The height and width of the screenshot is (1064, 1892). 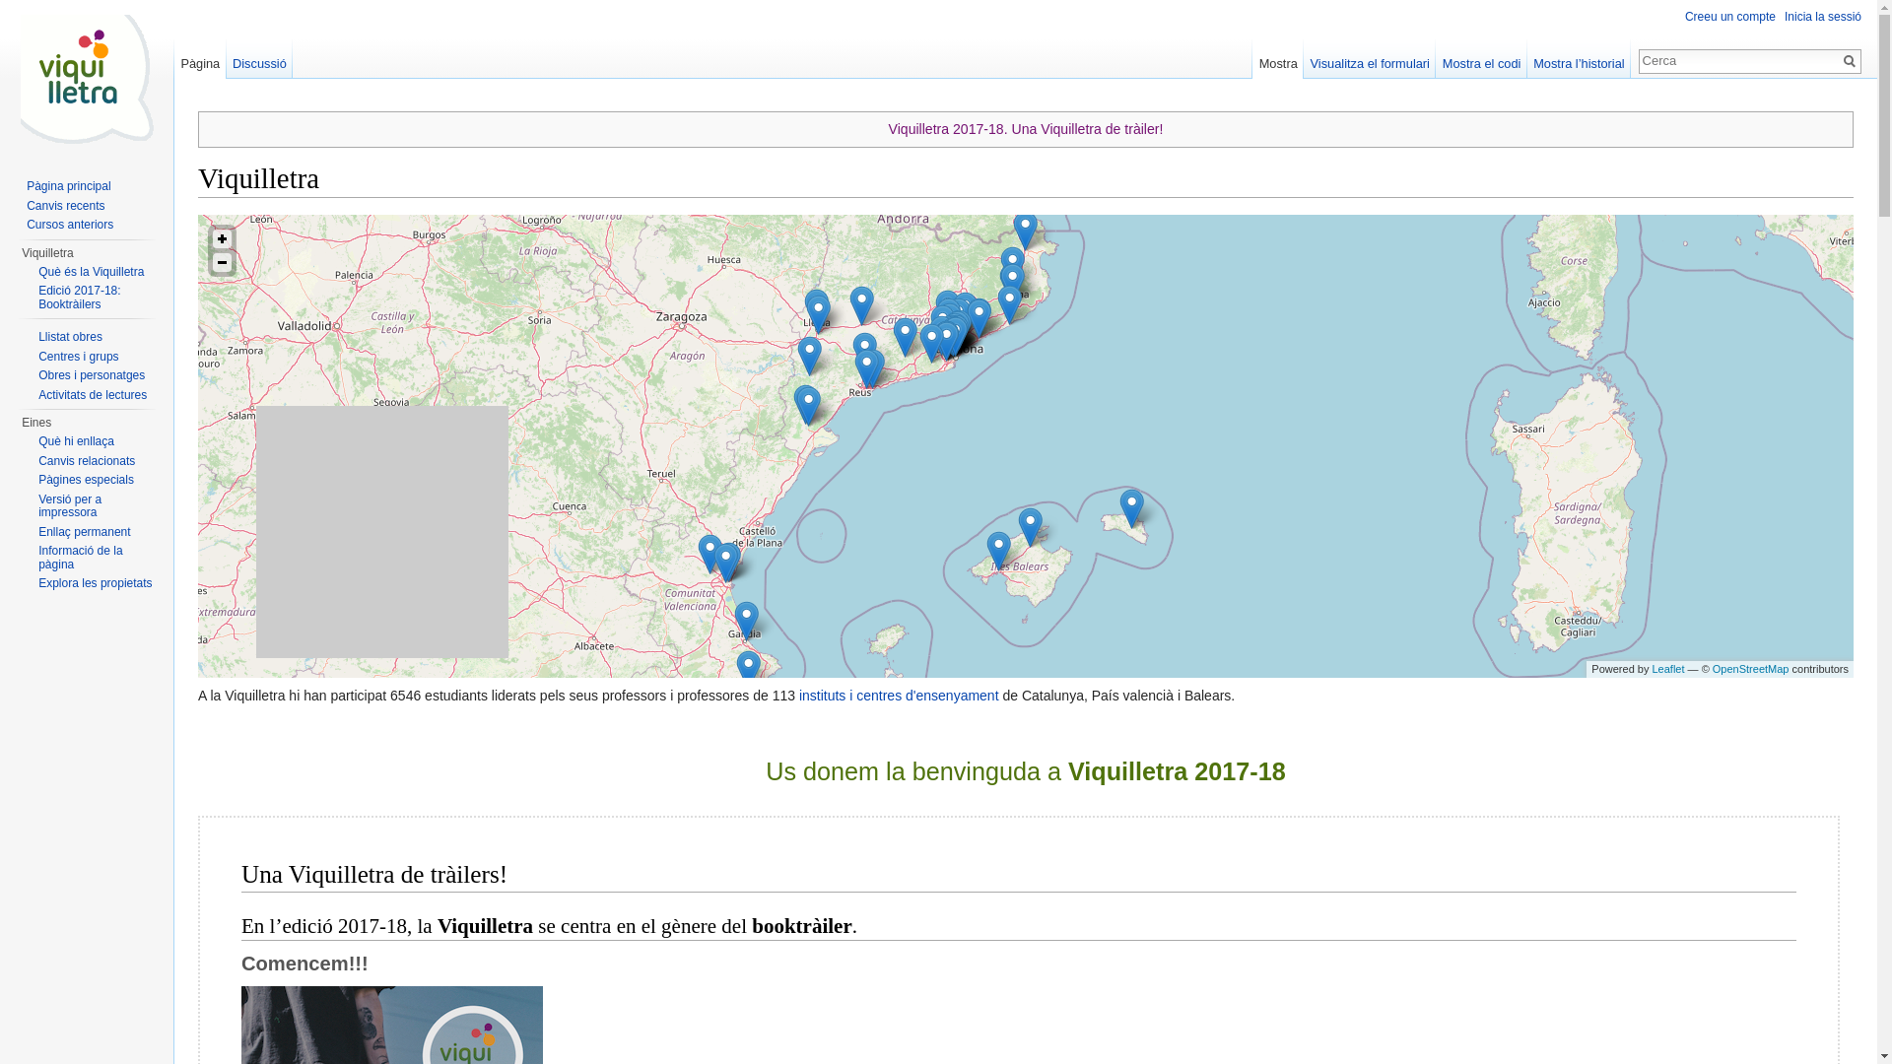 I want to click on 'Doctor Puigvert', so click(x=957, y=329).